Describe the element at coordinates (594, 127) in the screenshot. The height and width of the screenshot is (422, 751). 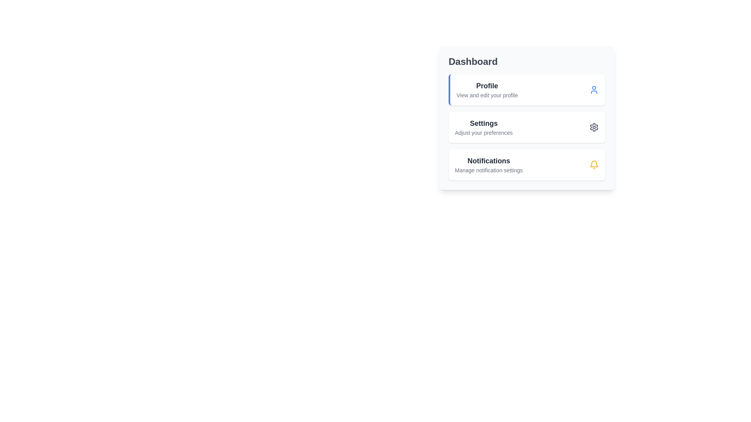
I see `the gear icon, which symbolizes settings` at that location.